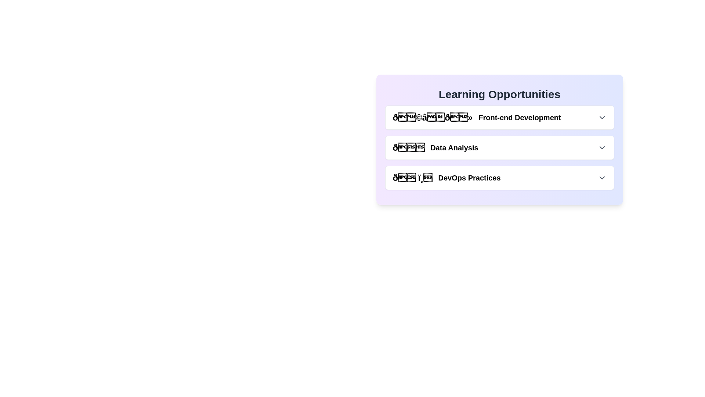 This screenshot has width=705, height=397. I want to click on the envelope icon located in the 'Learning Opportunities' section under the 'Data Analysis' category, serving as a visual cue for this category, so click(408, 147).